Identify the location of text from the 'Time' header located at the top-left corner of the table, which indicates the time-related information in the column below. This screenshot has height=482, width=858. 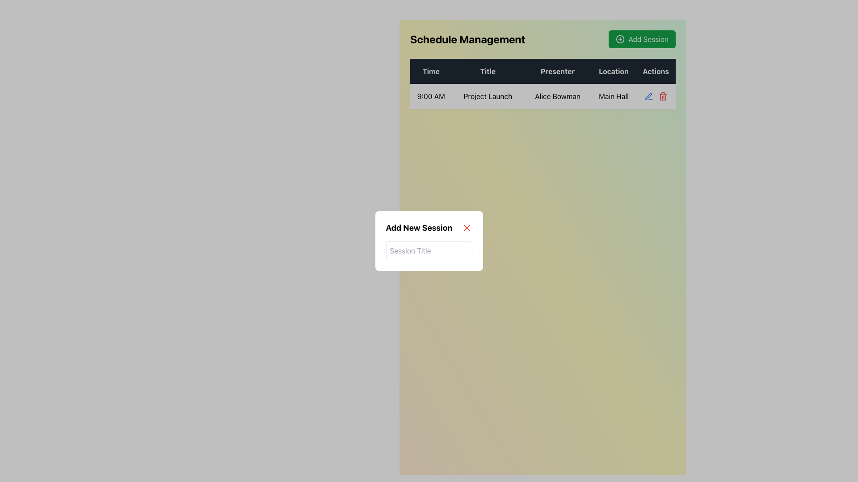
(431, 71).